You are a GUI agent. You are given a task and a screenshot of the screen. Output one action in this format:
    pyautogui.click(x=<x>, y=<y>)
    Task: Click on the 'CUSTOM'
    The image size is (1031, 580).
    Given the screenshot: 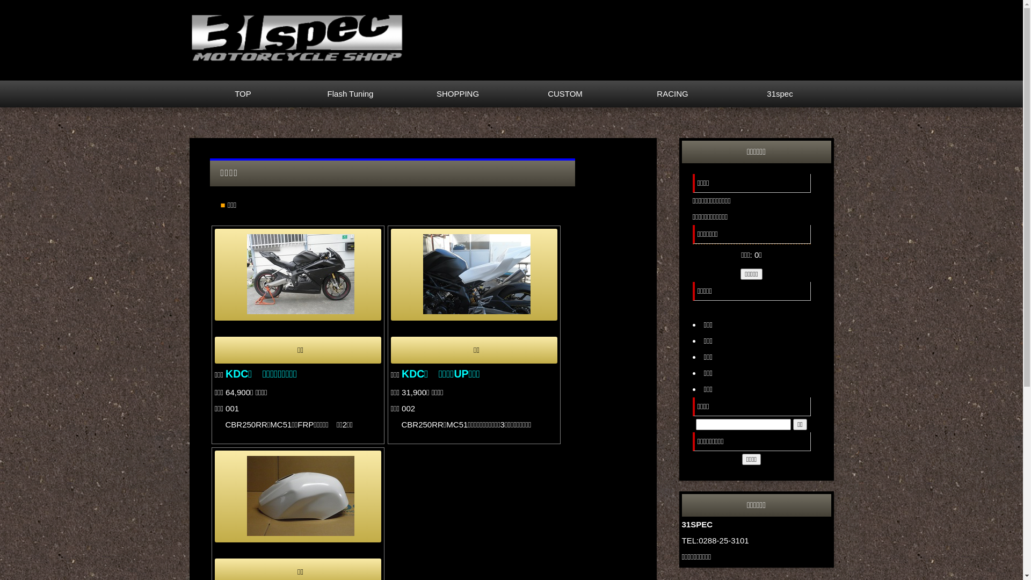 What is the action you would take?
    pyautogui.click(x=564, y=93)
    